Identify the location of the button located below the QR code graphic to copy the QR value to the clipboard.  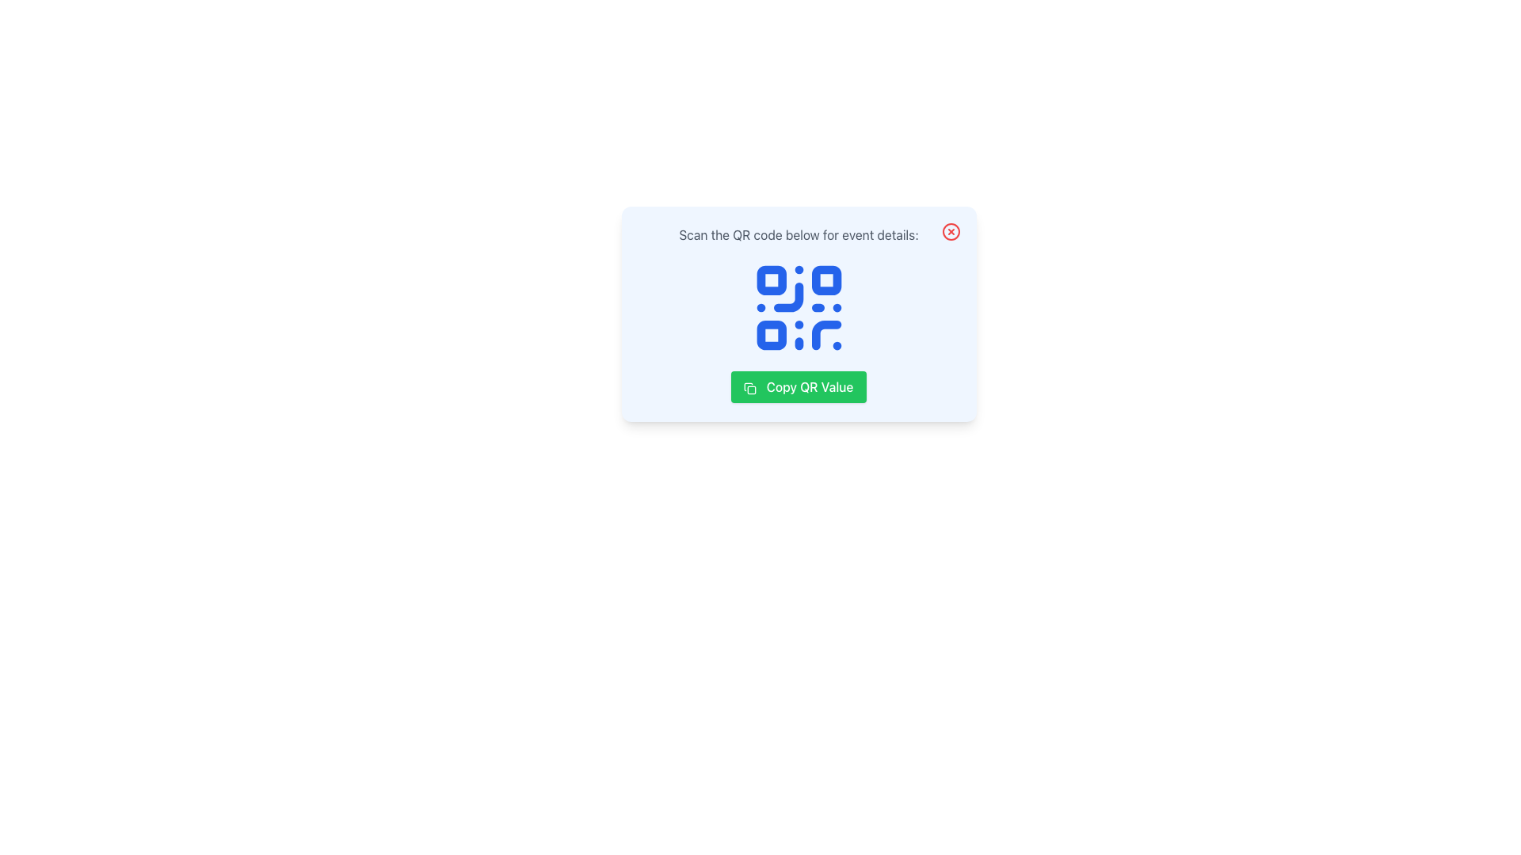
(799, 387).